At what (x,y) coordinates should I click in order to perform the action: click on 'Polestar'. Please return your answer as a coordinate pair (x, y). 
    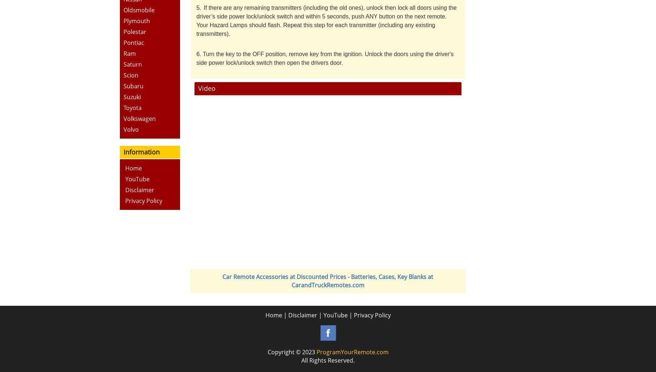
    Looking at the image, I should click on (134, 31).